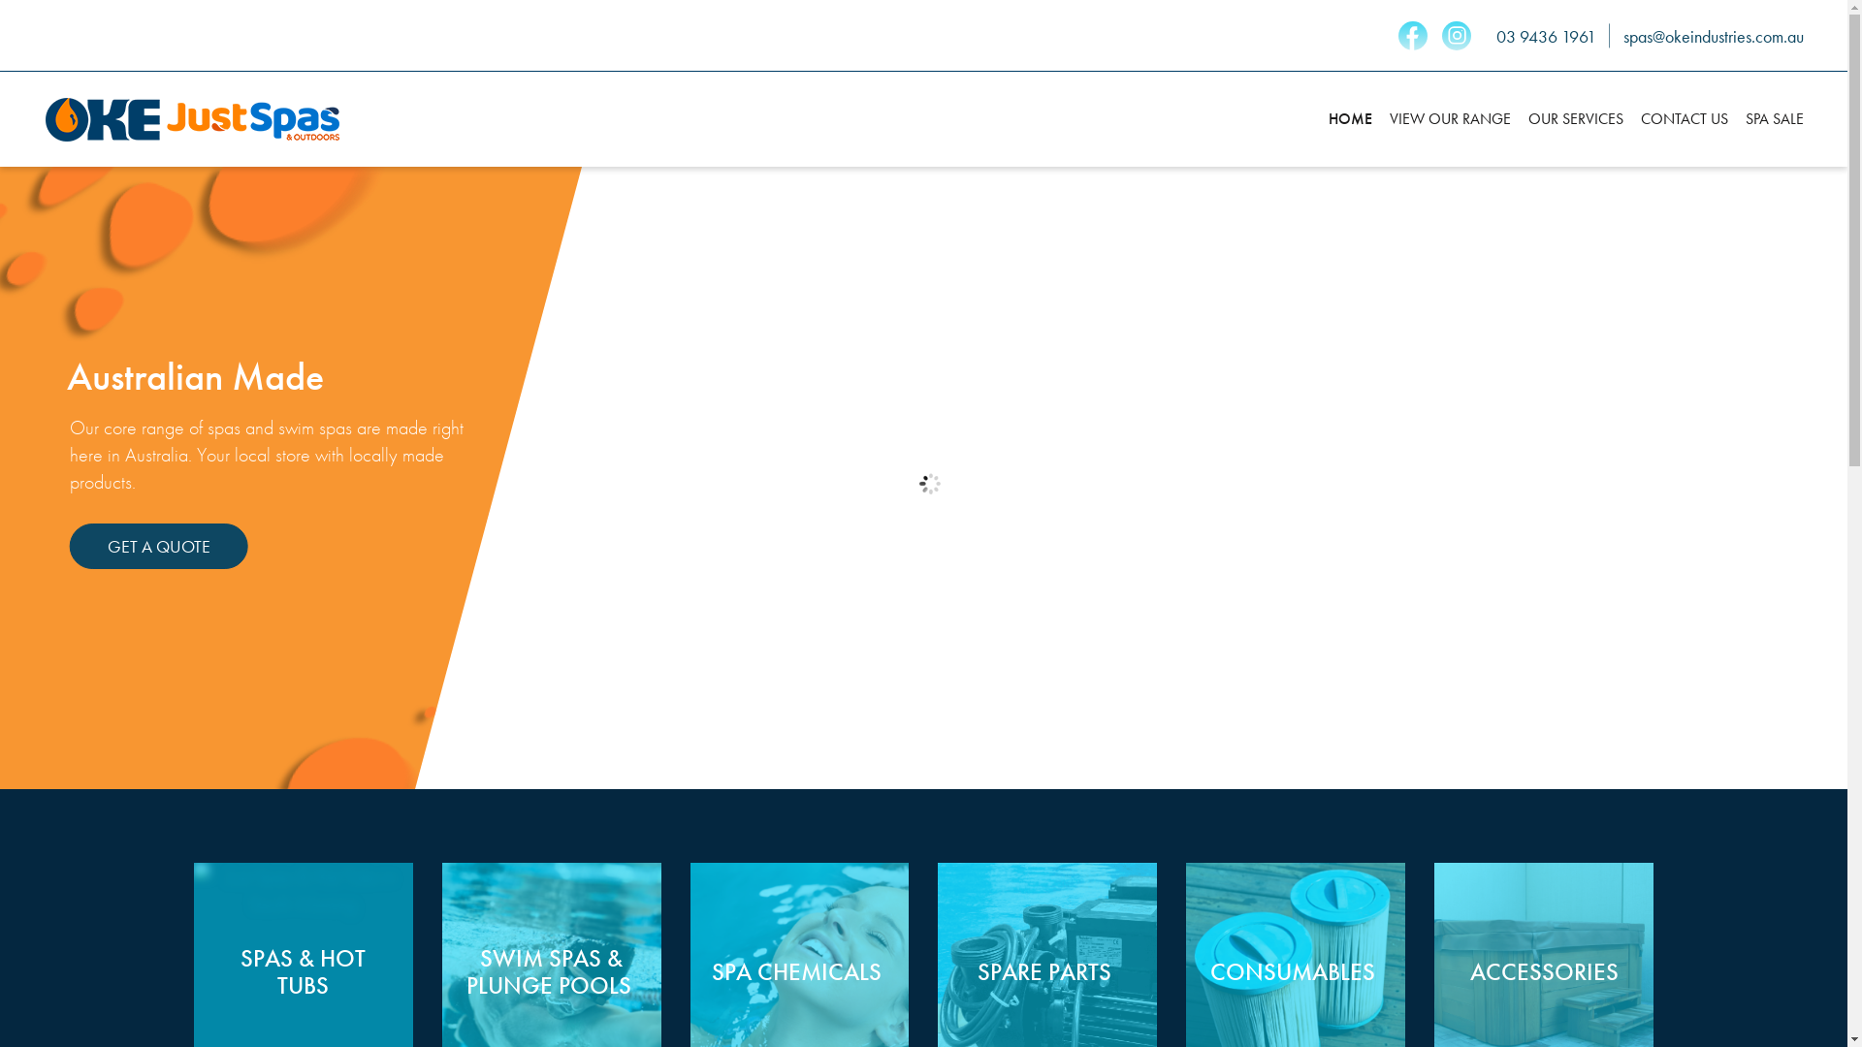  Describe the element at coordinates (302, 971) in the screenshot. I see `'SPAS & HOT TUBS'` at that location.